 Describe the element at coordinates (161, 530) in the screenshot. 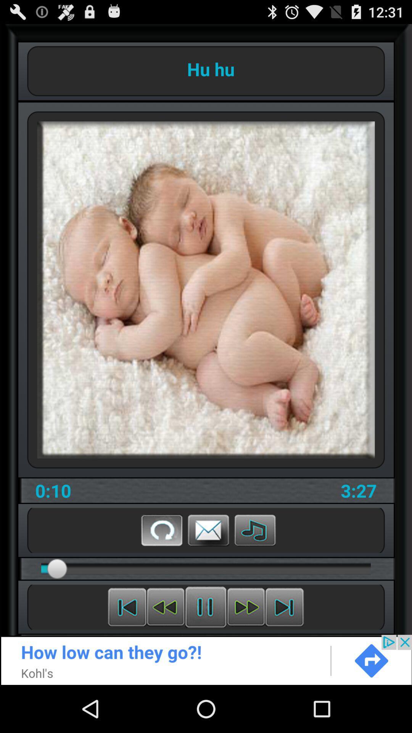

I see `routating option` at that location.